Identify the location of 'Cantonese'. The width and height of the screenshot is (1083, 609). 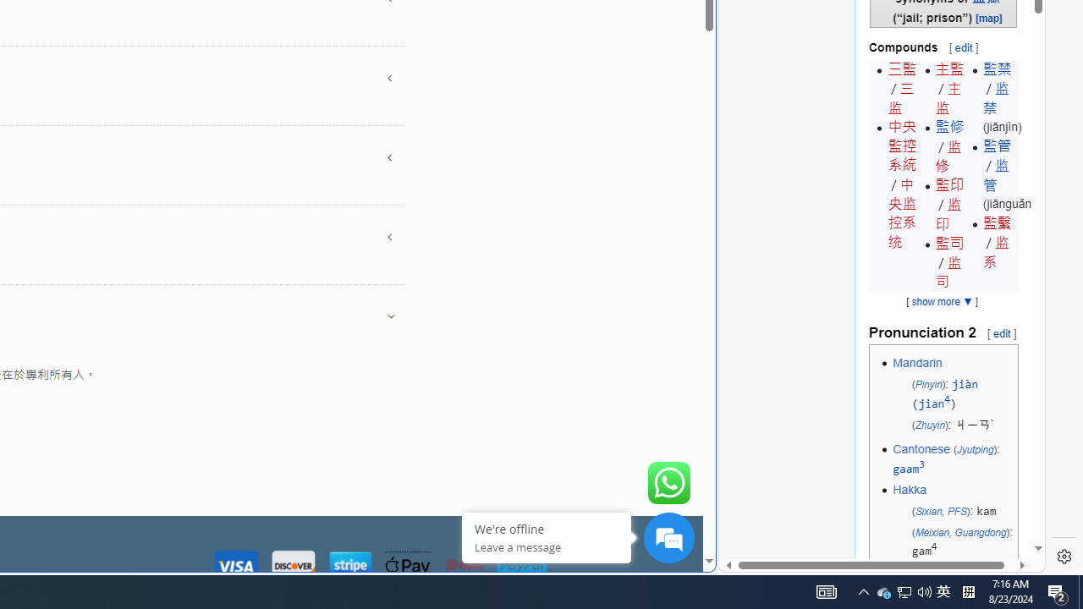
(921, 448).